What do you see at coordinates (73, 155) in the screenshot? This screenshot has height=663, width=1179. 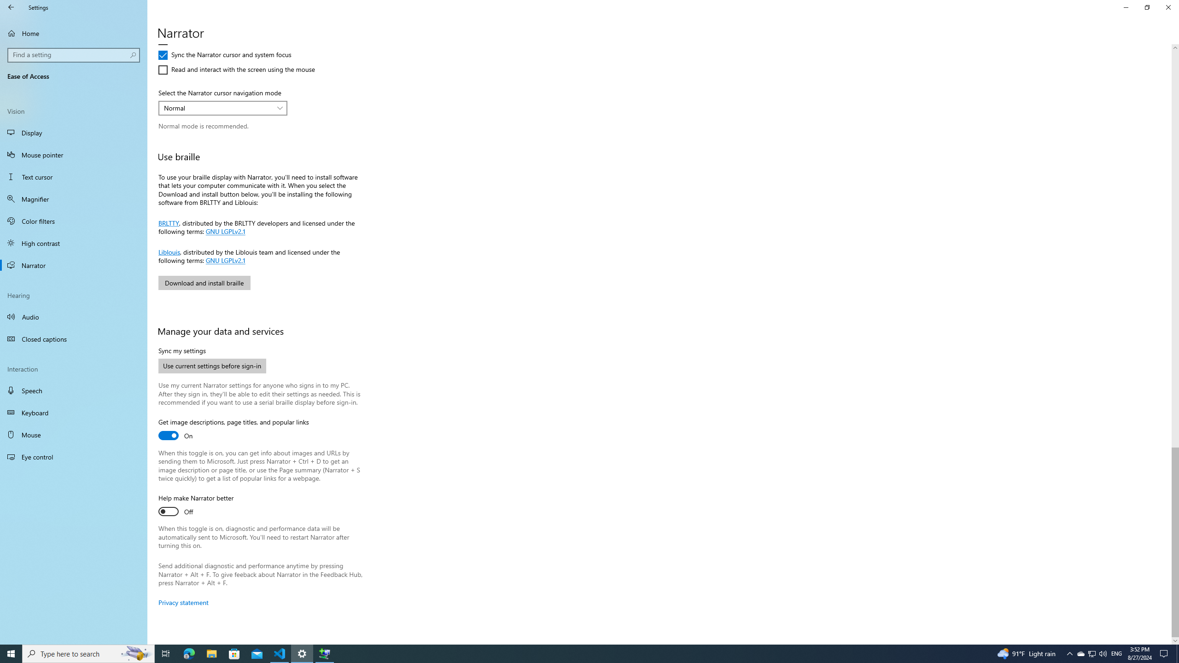 I see `'Mouse pointer'` at bounding box center [73, 155].